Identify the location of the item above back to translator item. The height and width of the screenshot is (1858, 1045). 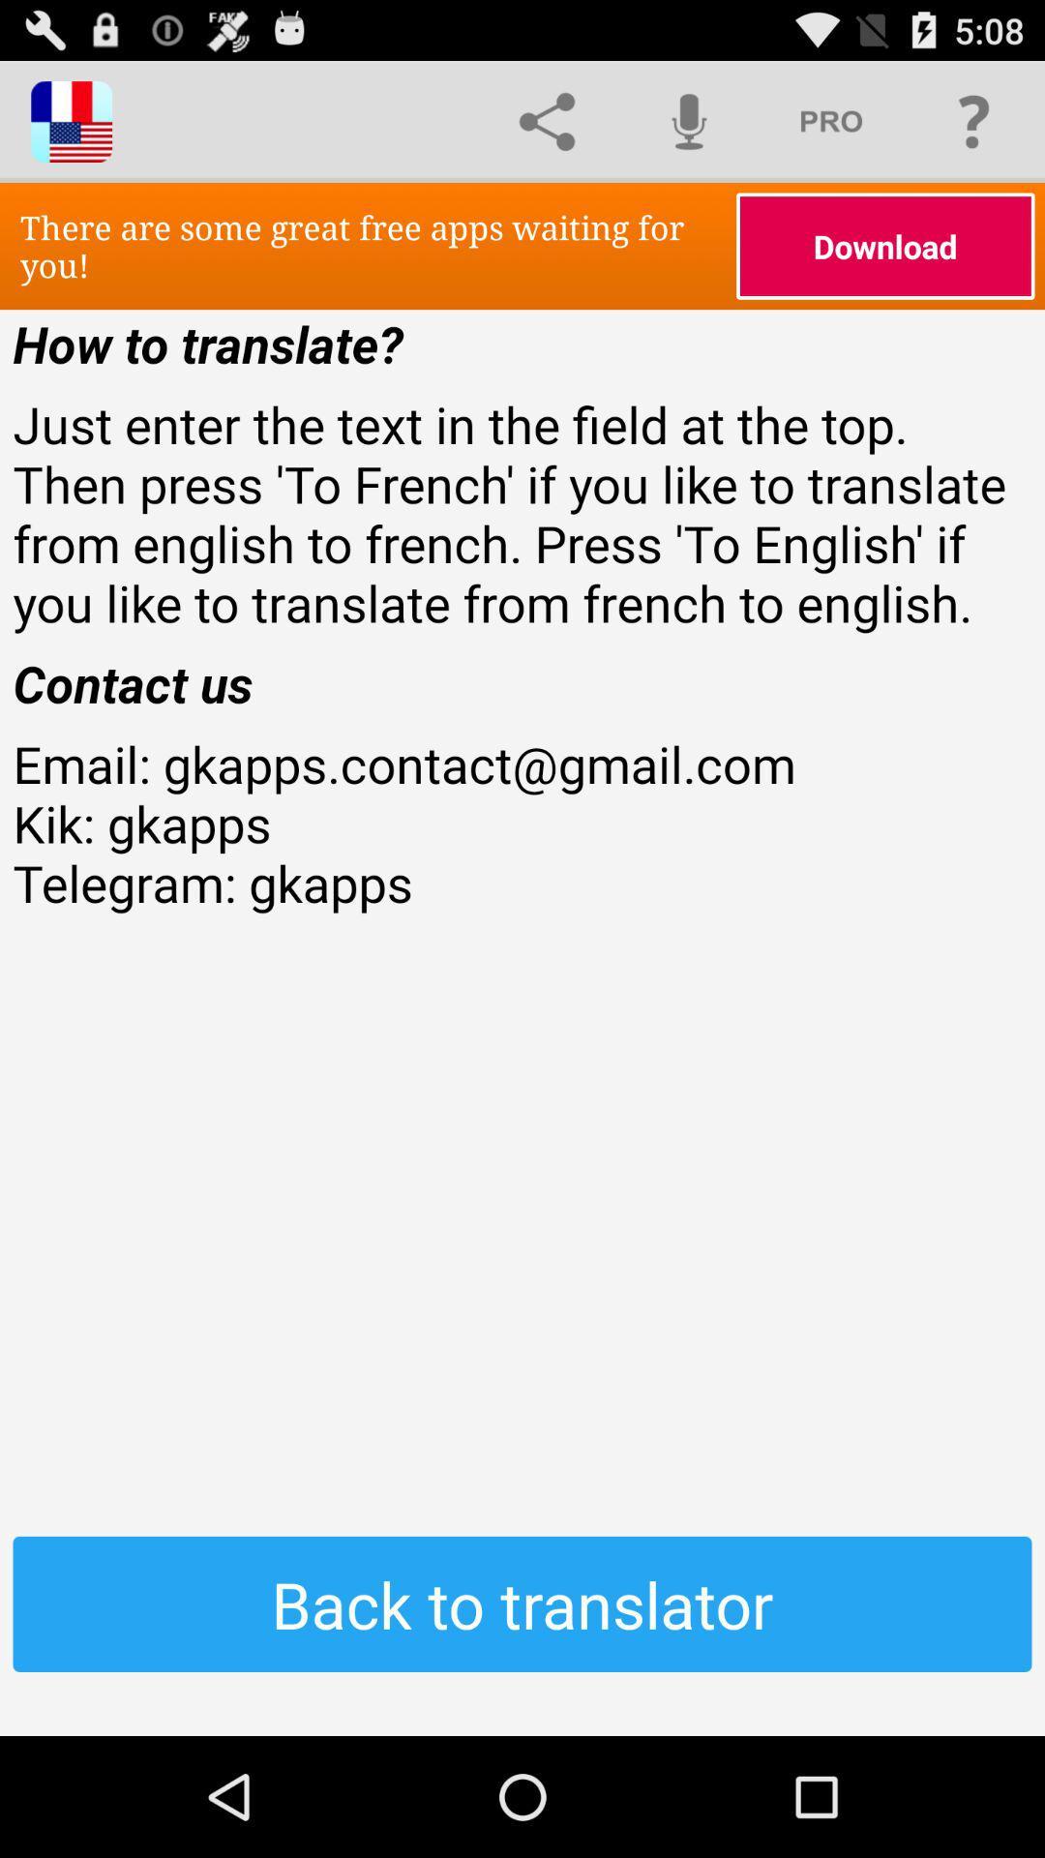
(522, 882).